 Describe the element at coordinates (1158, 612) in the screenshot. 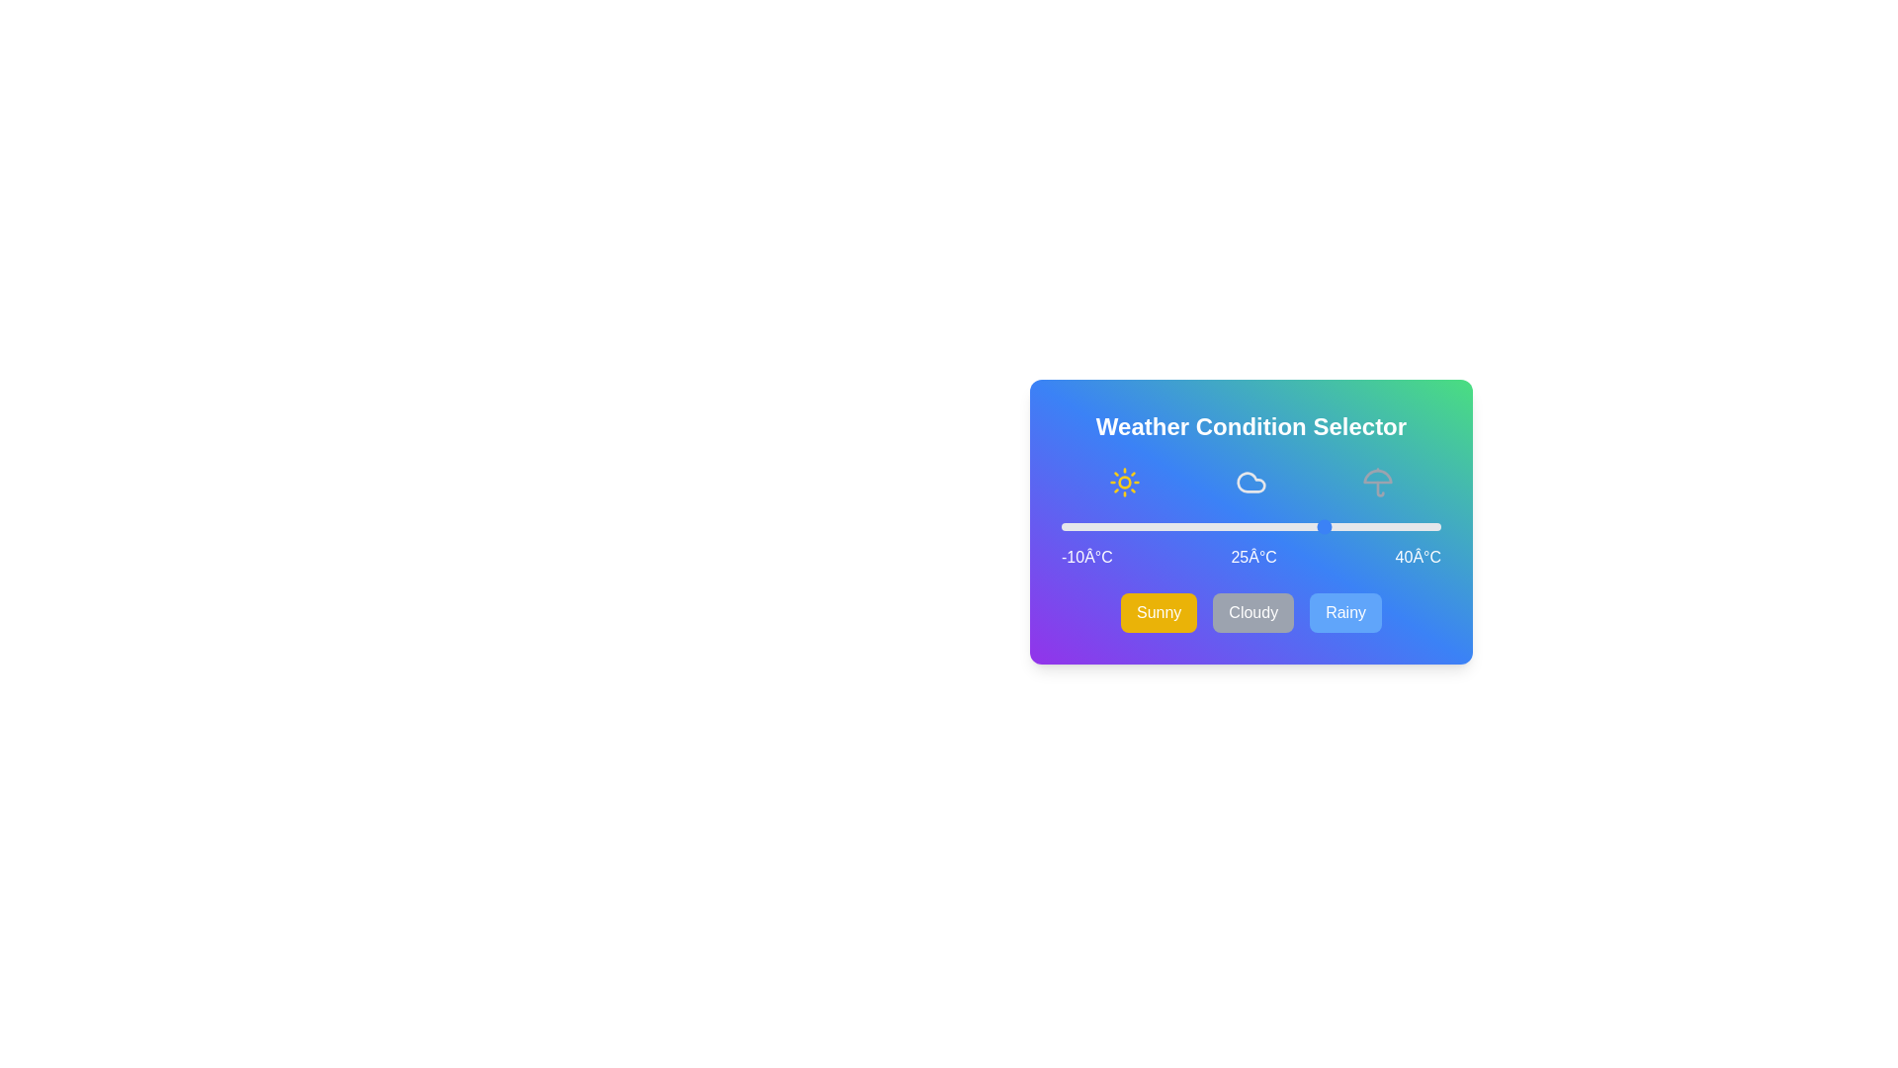

I see `the 'Sunny' button to set the weather condition to 'Sunny'` at that location.